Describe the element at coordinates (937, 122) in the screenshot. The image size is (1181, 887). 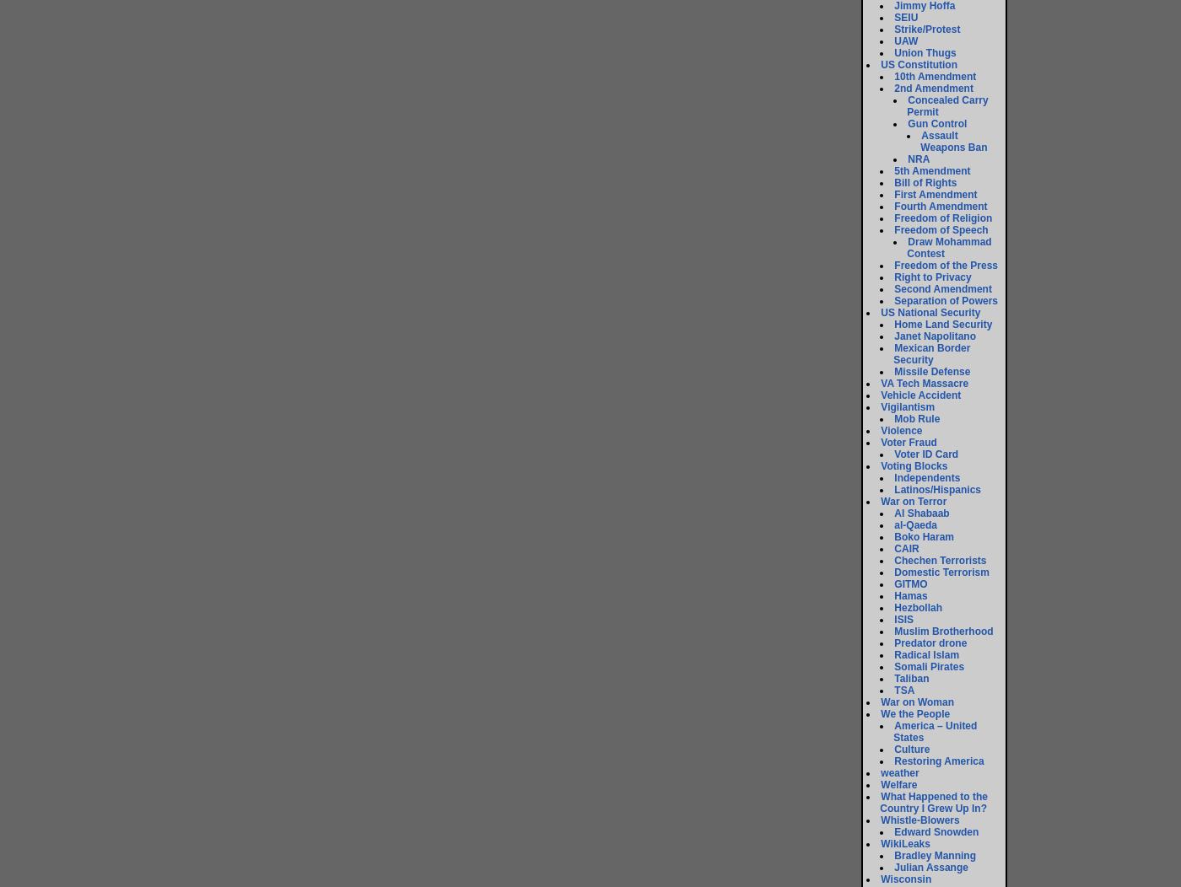
I see `'Gun Control'` at that location.